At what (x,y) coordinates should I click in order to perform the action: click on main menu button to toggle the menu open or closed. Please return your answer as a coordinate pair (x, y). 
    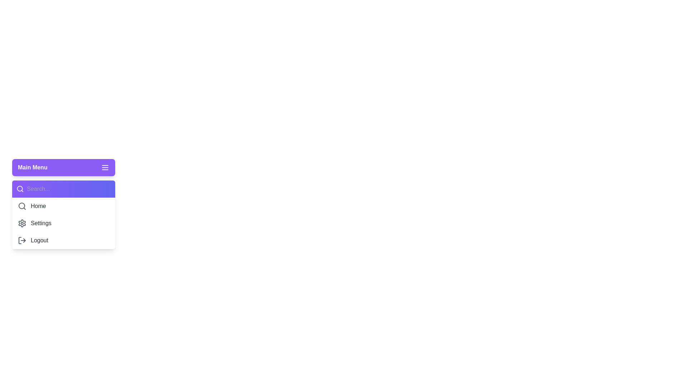
    Looking at the image, I should click on (63, 168).